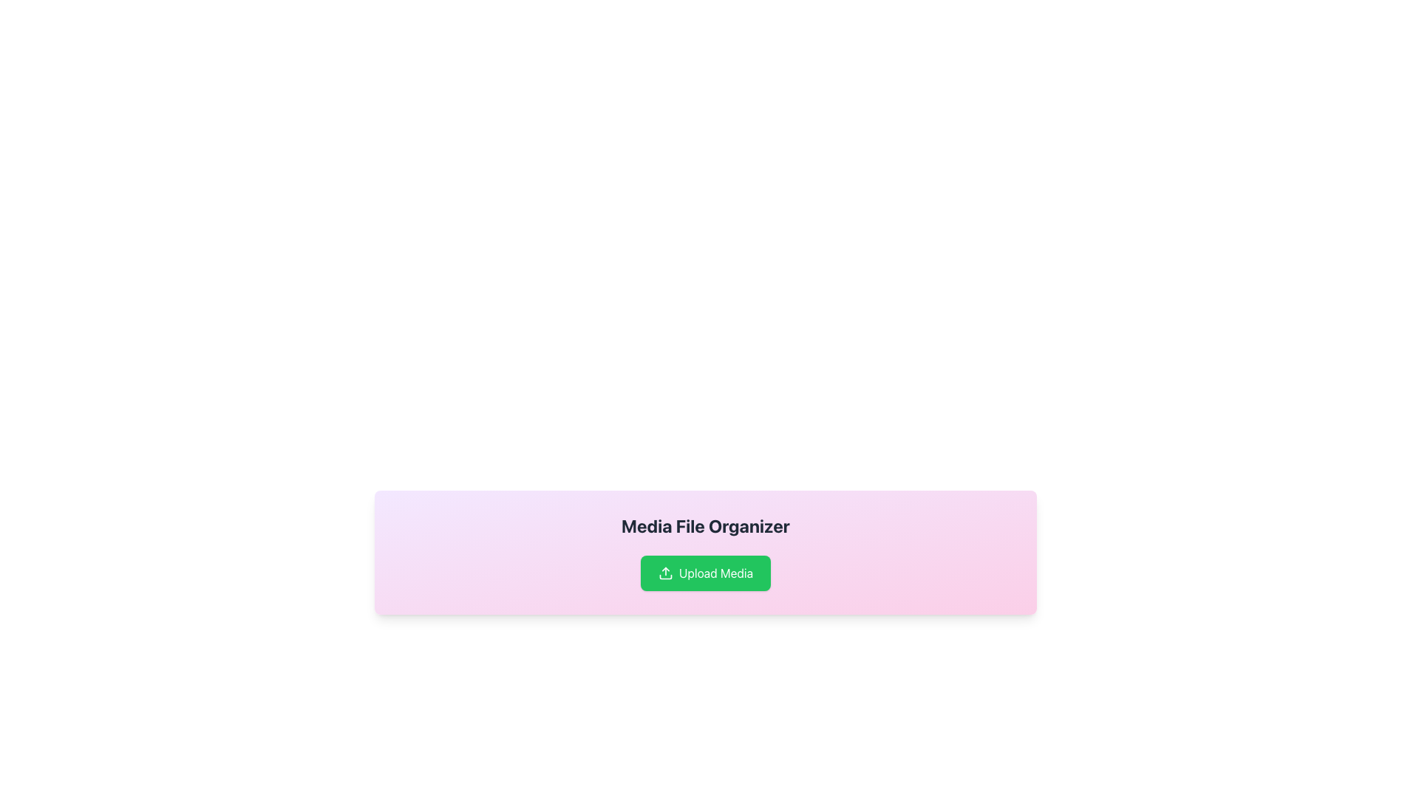 The image size is (1419, 798). I want to click on text label 'Upload Media' which is styled in white bold font inside a green rounded button located below the title 'Media File Organizer', so click(716, 572).